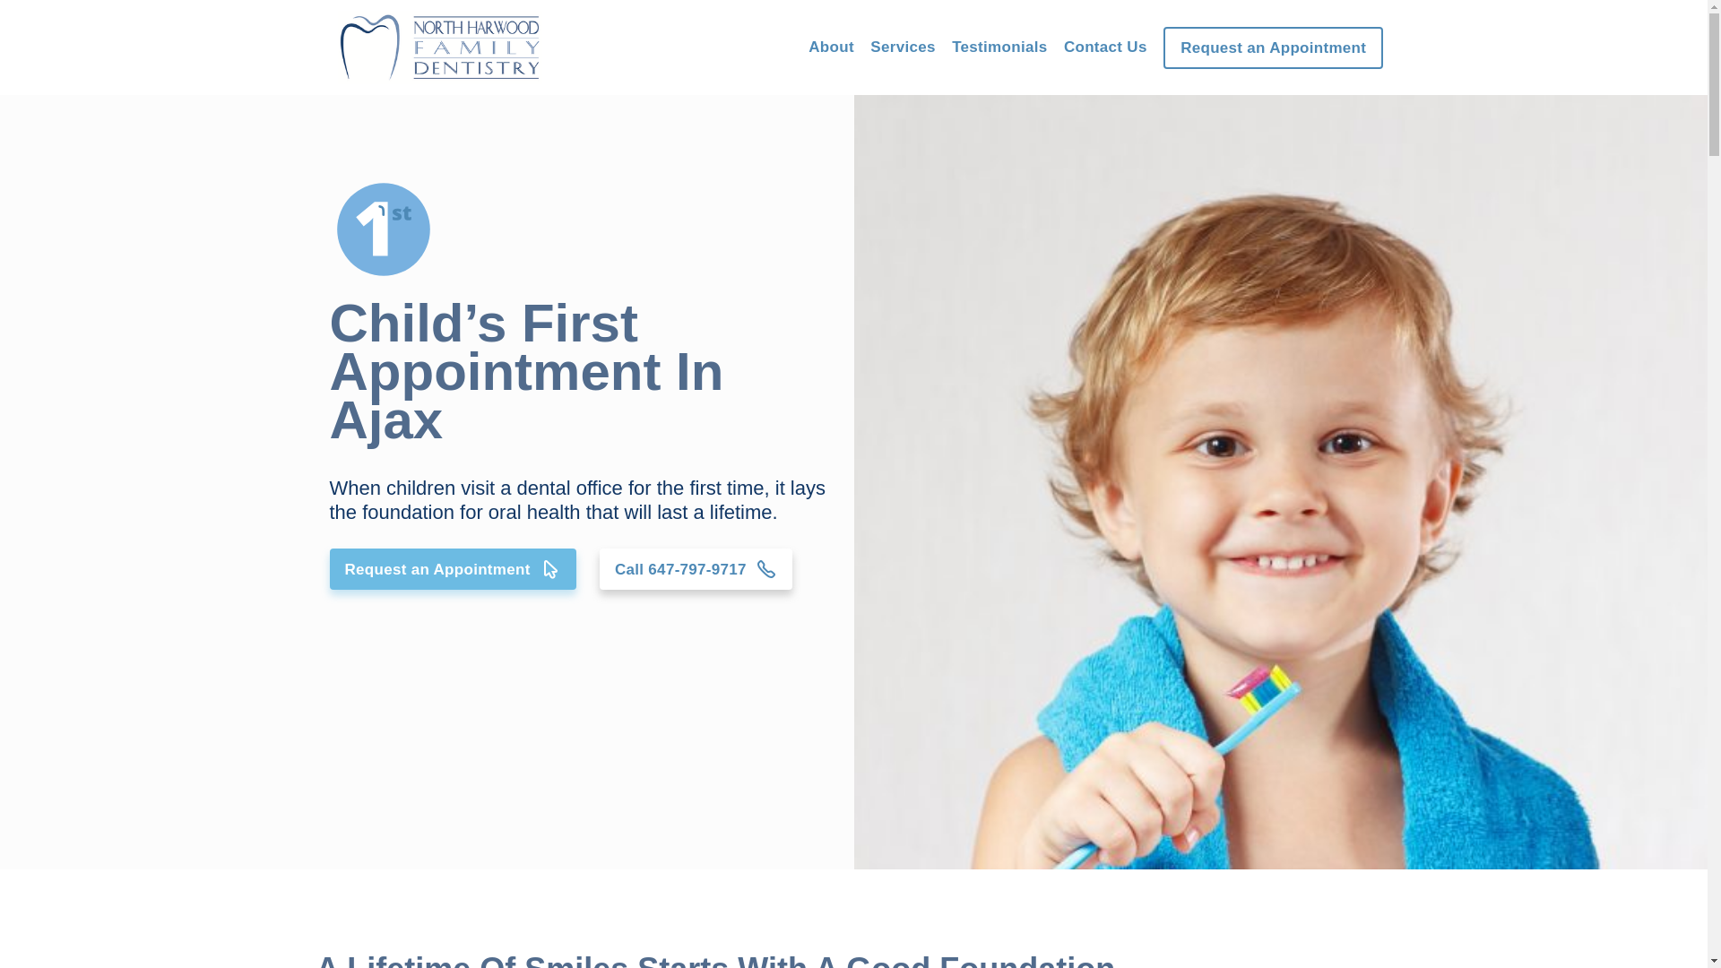 This screenshot has width=1721, height=968. Describe the element at coordinates (453, 569) in the screenshot. I see `'Request an Appointment'` at that location.